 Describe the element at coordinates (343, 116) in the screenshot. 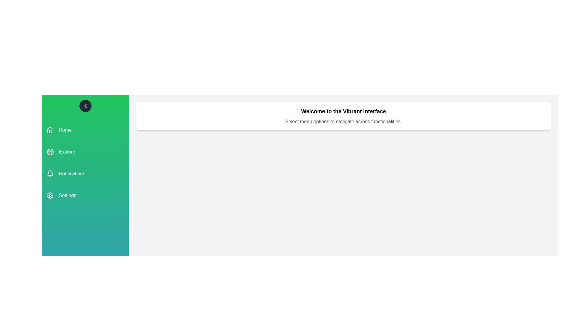

I see `the welcome message to interact` at that location.